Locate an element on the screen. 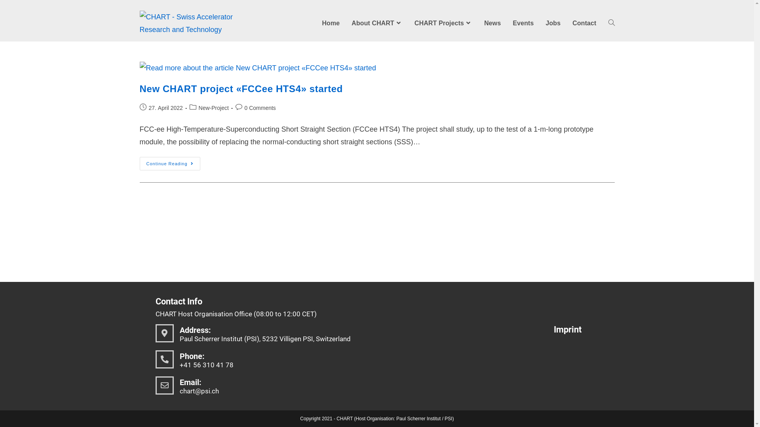  'Jobs' is located at coordinates (552, 23).